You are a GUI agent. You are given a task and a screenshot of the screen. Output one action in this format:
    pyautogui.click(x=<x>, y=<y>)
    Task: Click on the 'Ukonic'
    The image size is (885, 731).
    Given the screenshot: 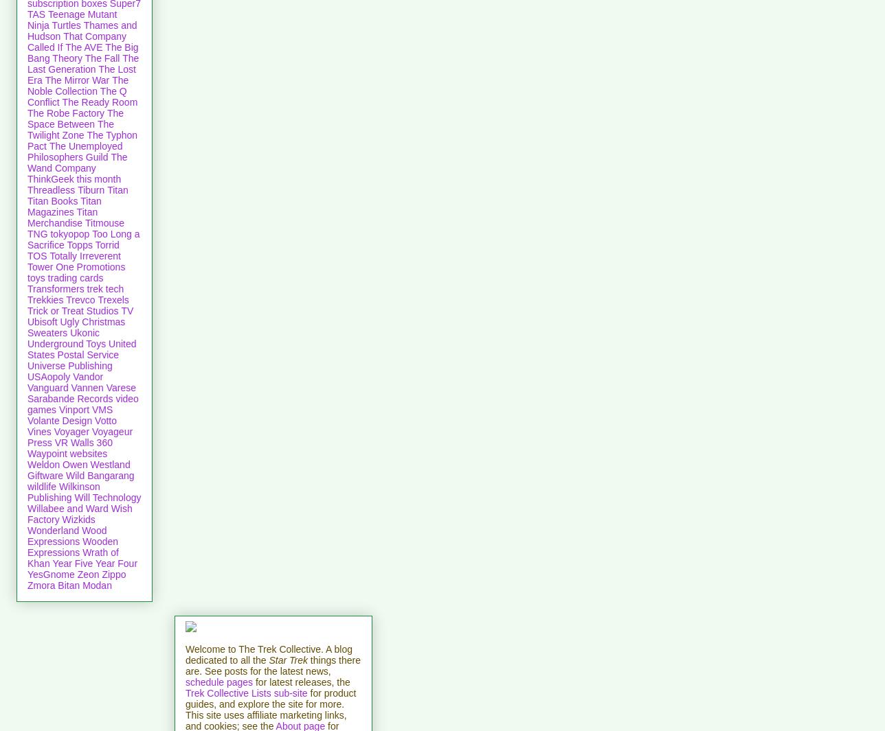 What is the action you would take?
    pyautogui.click(x=85, y=332)
    